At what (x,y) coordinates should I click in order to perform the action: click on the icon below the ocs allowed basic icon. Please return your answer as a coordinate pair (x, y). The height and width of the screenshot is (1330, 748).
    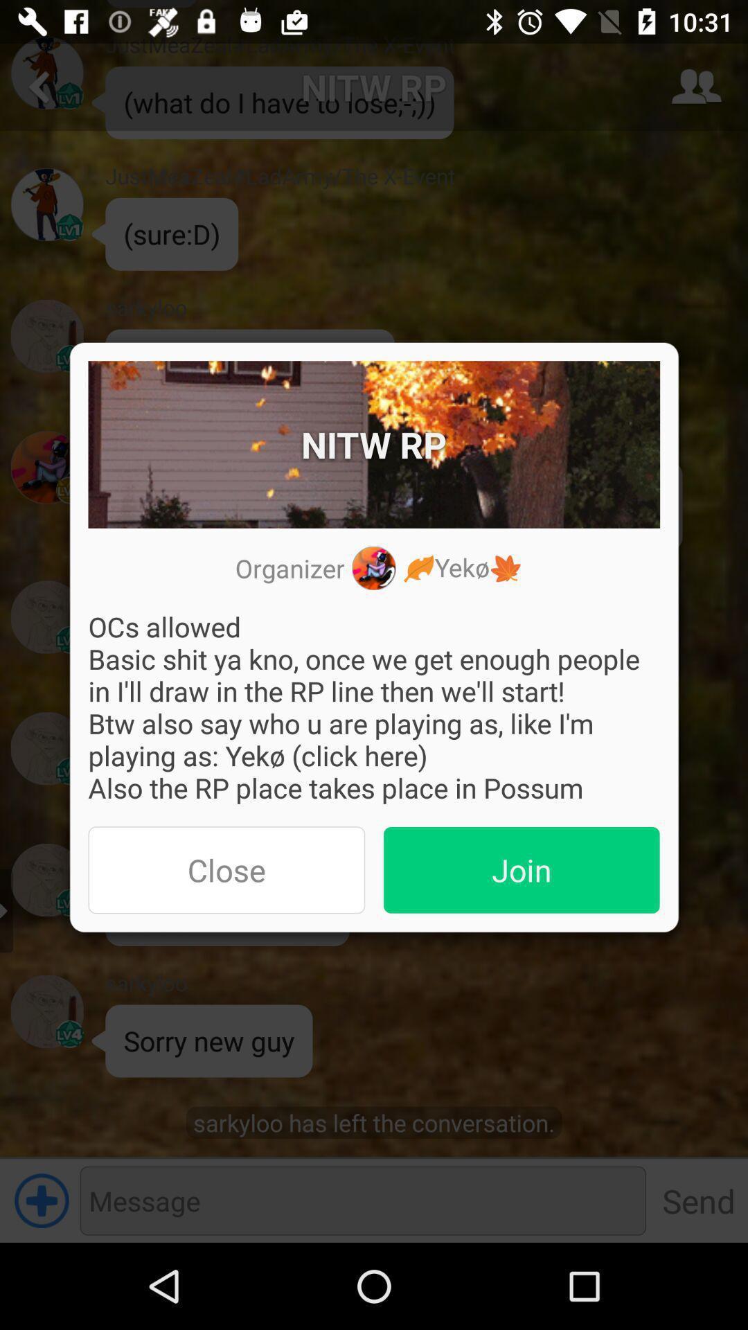
    Looking at the image, I should click on (522, 869).